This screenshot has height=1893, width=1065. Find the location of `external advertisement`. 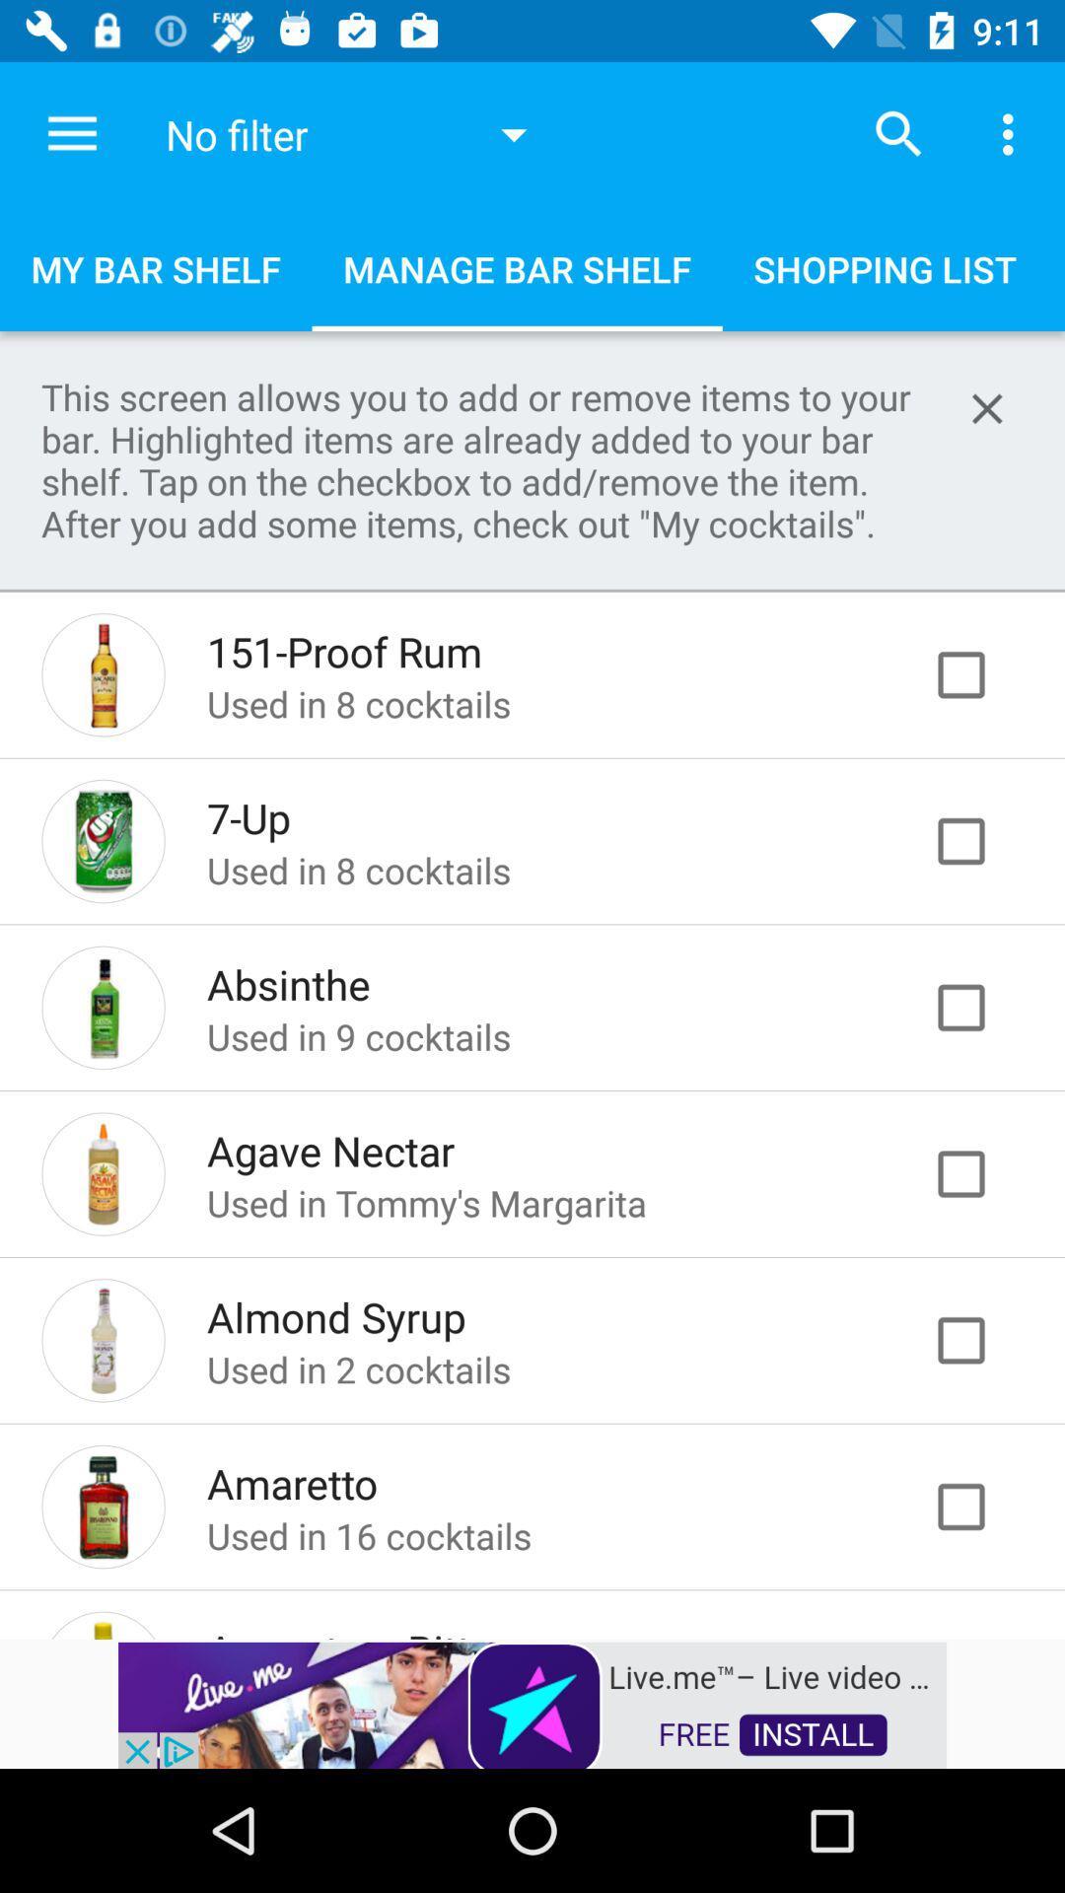

external advertisement is located at coordinates (532, 1703).